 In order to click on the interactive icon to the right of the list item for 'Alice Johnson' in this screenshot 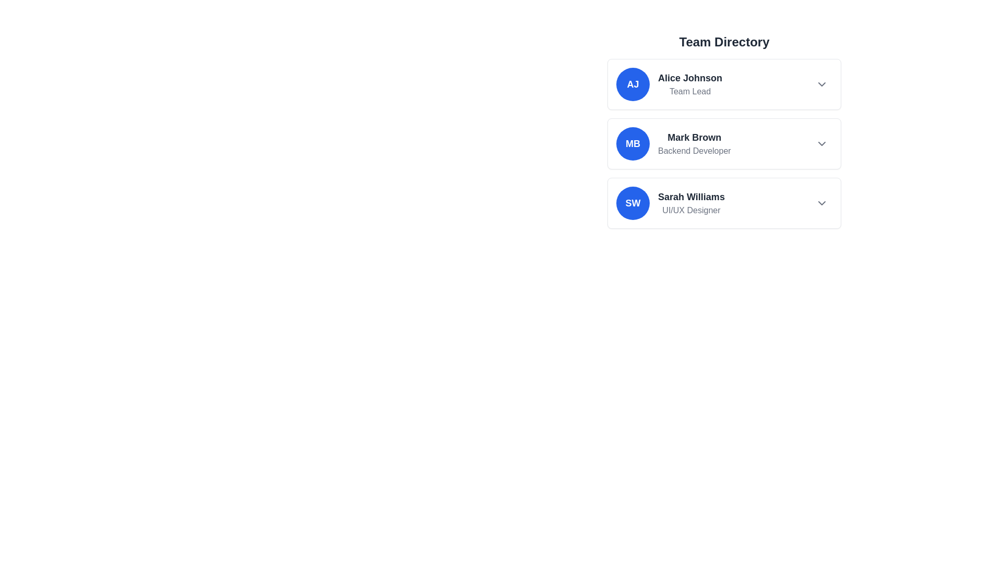, I will do `click(821, 84)`.